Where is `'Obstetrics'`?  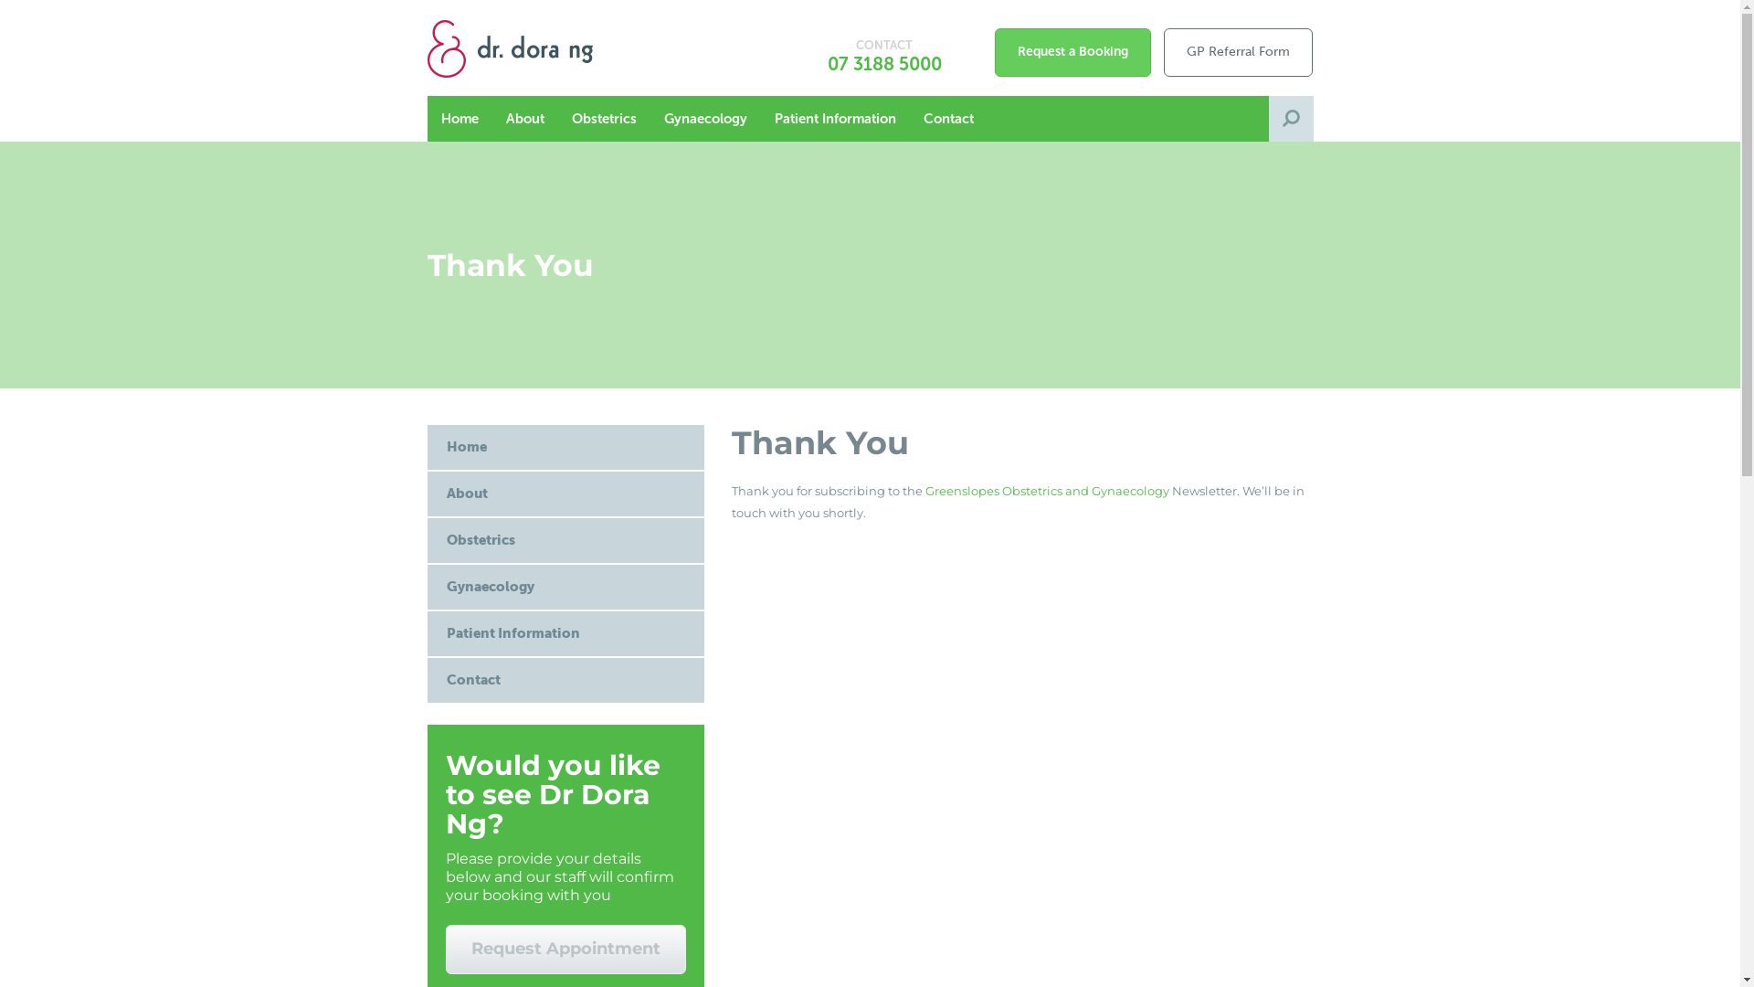
'Obstetrics' is located at coordinates (565, 539).